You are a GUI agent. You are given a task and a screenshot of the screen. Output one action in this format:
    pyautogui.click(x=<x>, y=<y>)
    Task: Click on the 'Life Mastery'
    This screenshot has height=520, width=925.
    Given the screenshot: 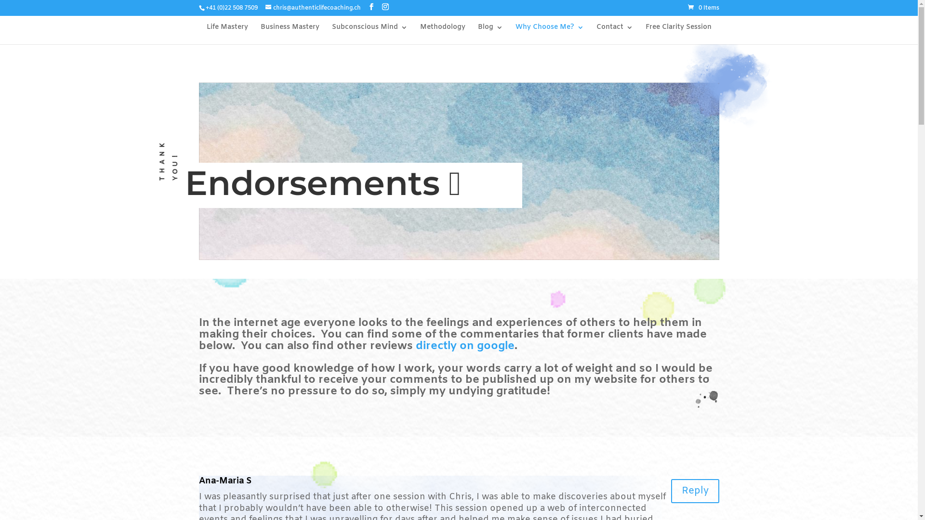 What is the action you would take?
    pyautogui.click(x=226, y=33)
    